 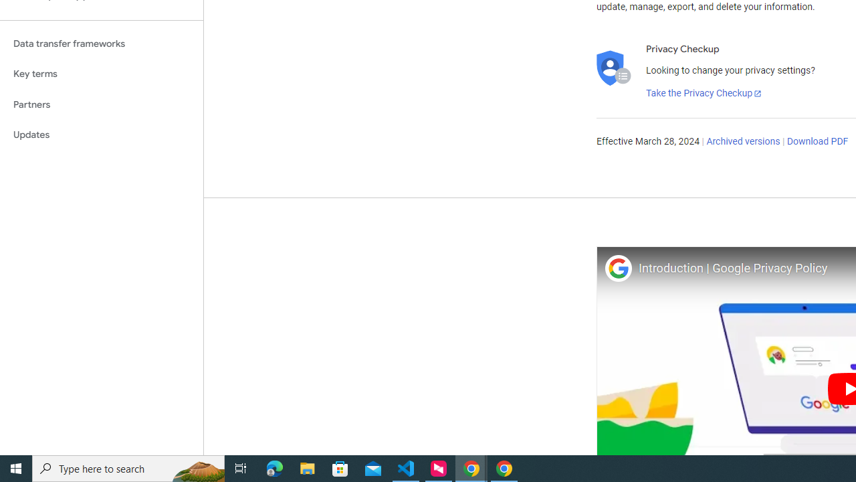 What do you see at coordinates (817, 142) in the screenshot?
I see `'Download PDF'` at bounding box center [817, 142].